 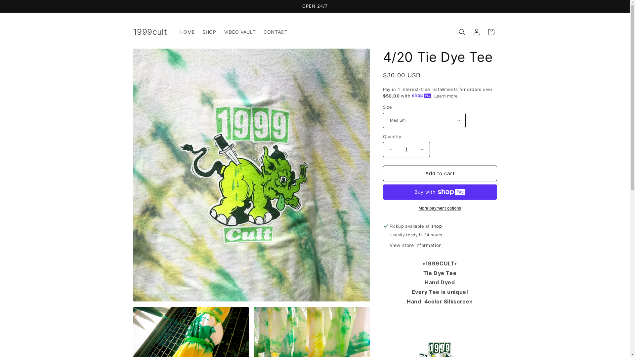 I want to click on 'CONTACT', so click(x=275, y=32).